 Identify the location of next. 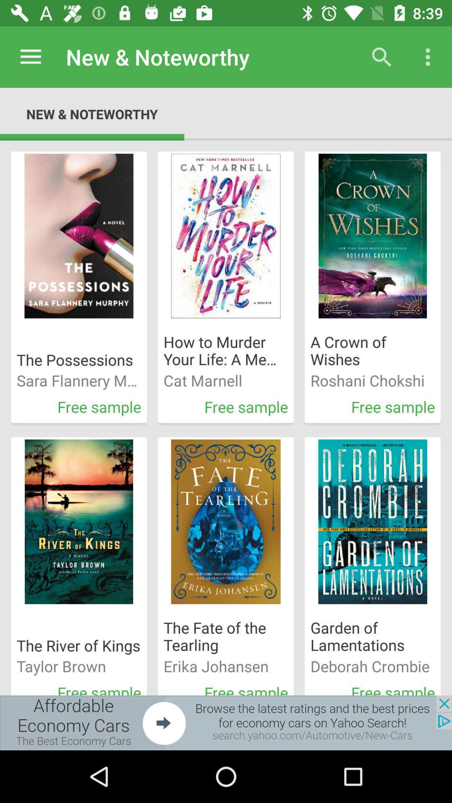
(226, 722).